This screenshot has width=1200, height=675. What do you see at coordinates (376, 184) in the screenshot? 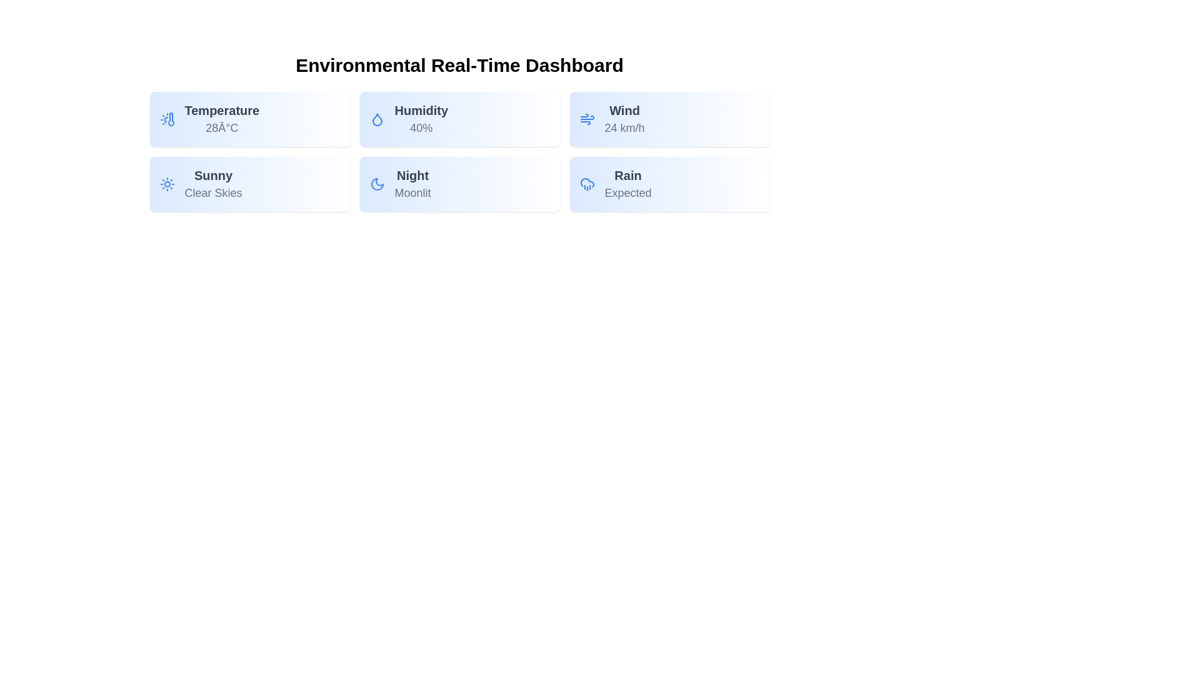
I see `the 'Night' graphical vector icon located on the left side of the text 'Night' and 'Moonlit' in the Environmental Real-Time Dashboard` at bounding box center [376, 184].